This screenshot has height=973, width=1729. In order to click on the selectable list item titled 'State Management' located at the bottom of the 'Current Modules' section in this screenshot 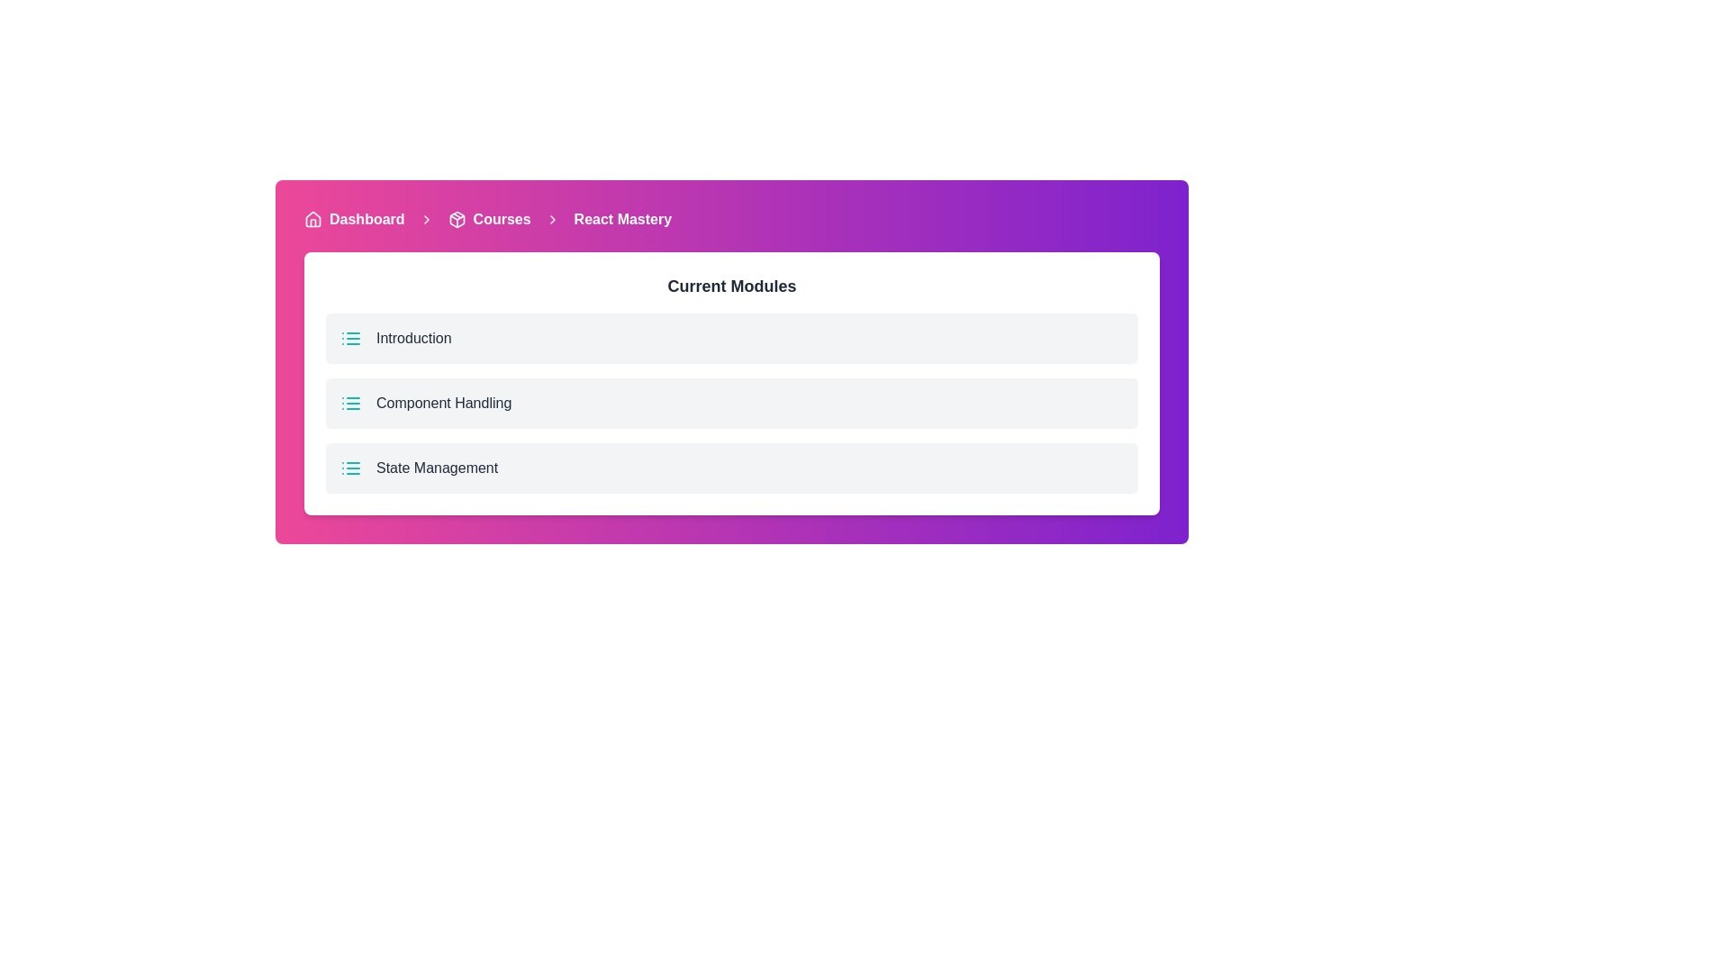, I will do `click(731, 468)`.